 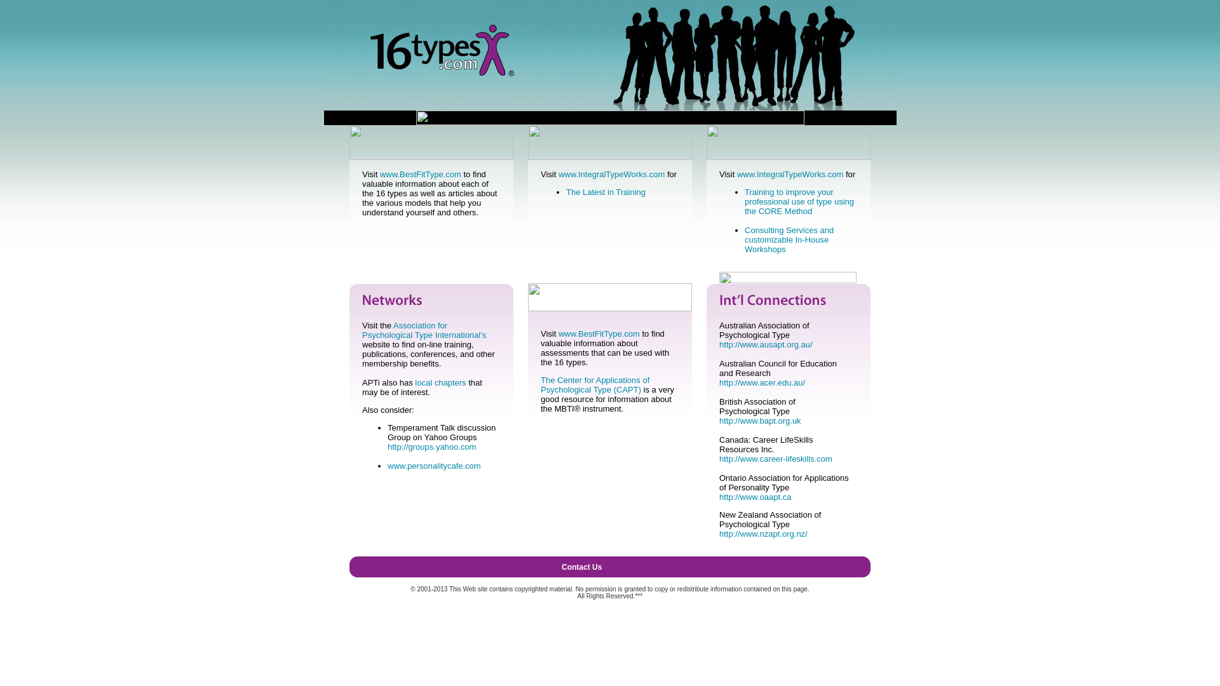 I want to click on 'www.personalitycafe.com', so click(x=434, y=466).